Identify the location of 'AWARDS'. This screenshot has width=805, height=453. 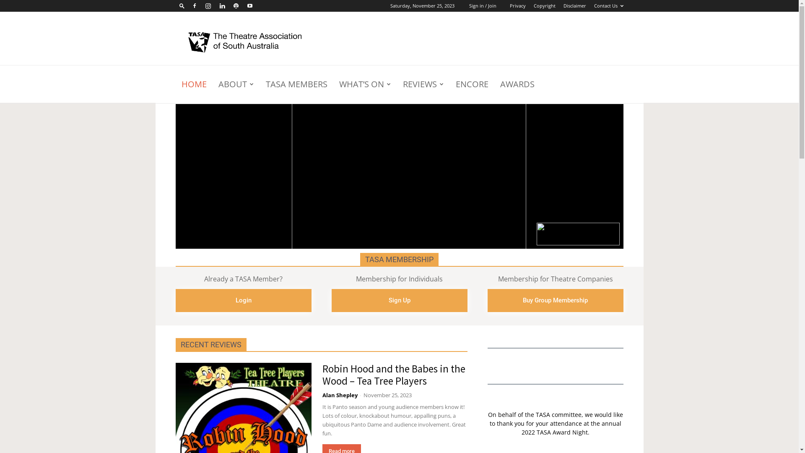
(517, 84).